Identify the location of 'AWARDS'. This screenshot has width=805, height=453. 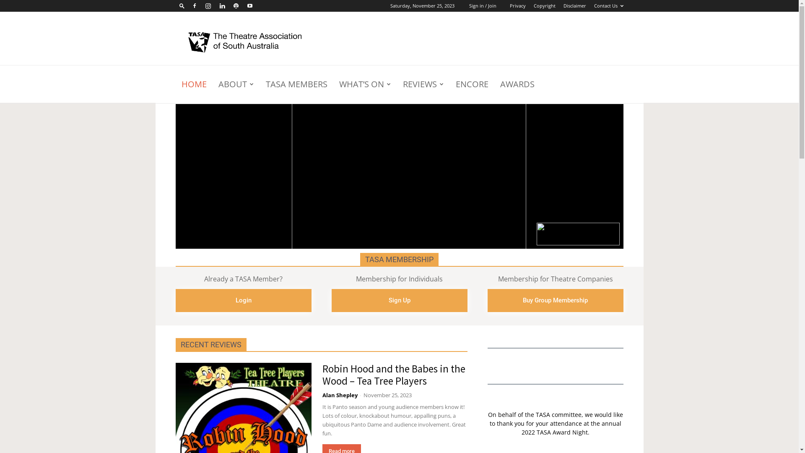
(517, 84).